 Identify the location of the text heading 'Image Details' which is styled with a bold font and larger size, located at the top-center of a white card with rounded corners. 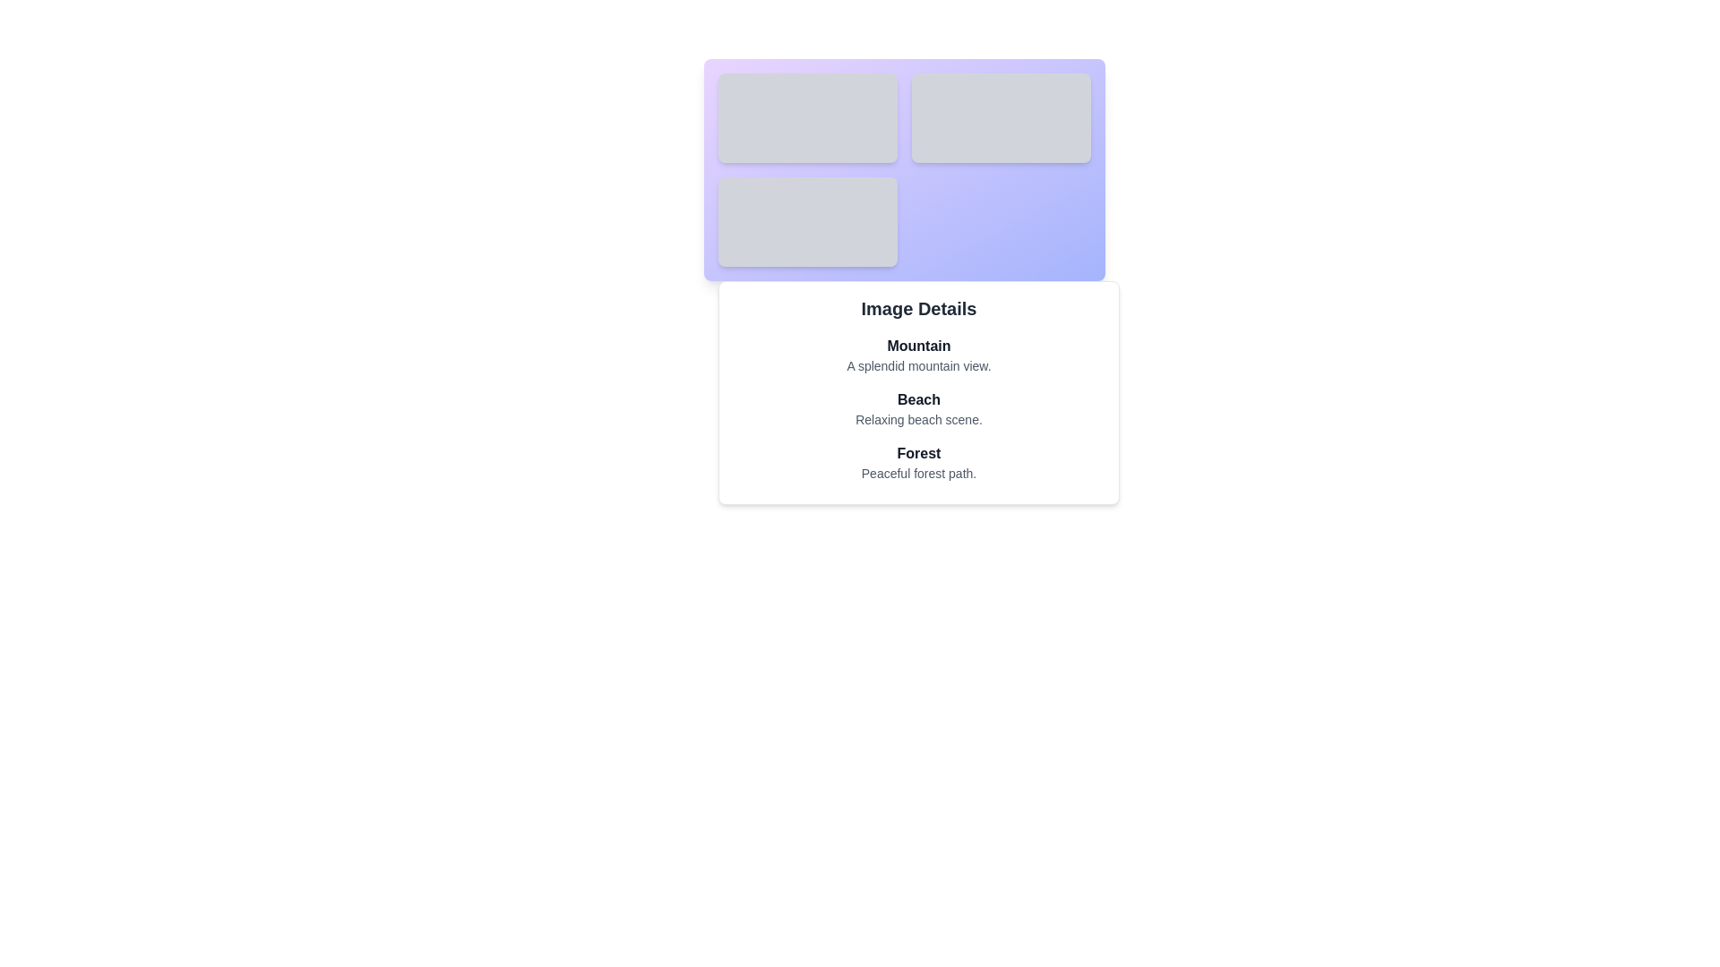
(919, 307).